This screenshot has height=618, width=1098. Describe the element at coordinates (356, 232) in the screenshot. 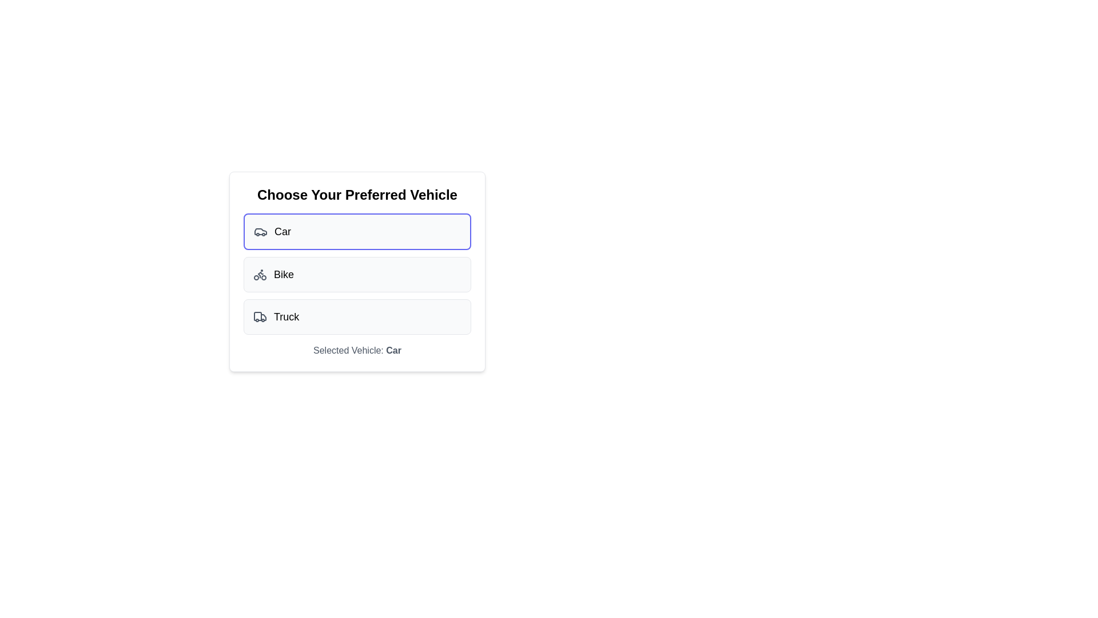

I see `on the first selectable list item labeled 'Car', which has a white background, rounded corners, and is bordered in indigo` at that location.